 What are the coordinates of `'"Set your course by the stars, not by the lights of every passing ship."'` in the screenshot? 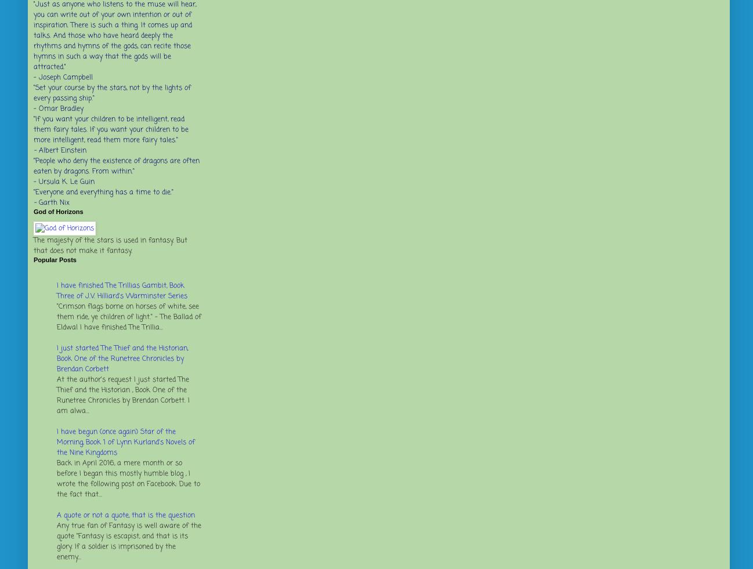 It's located at (111, 92).